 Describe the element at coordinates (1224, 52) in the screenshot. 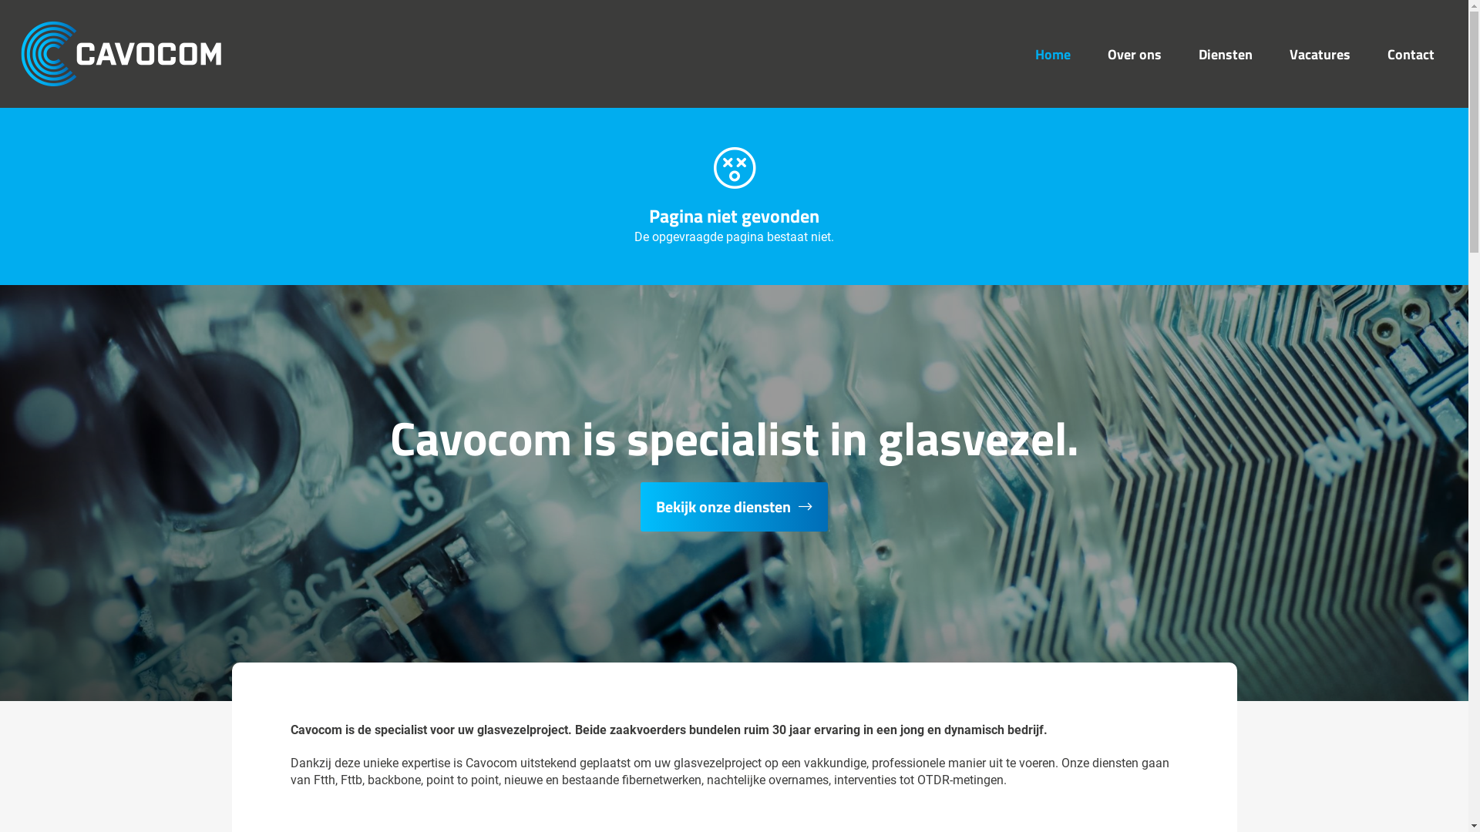

I see `'Diensten'` at that location.